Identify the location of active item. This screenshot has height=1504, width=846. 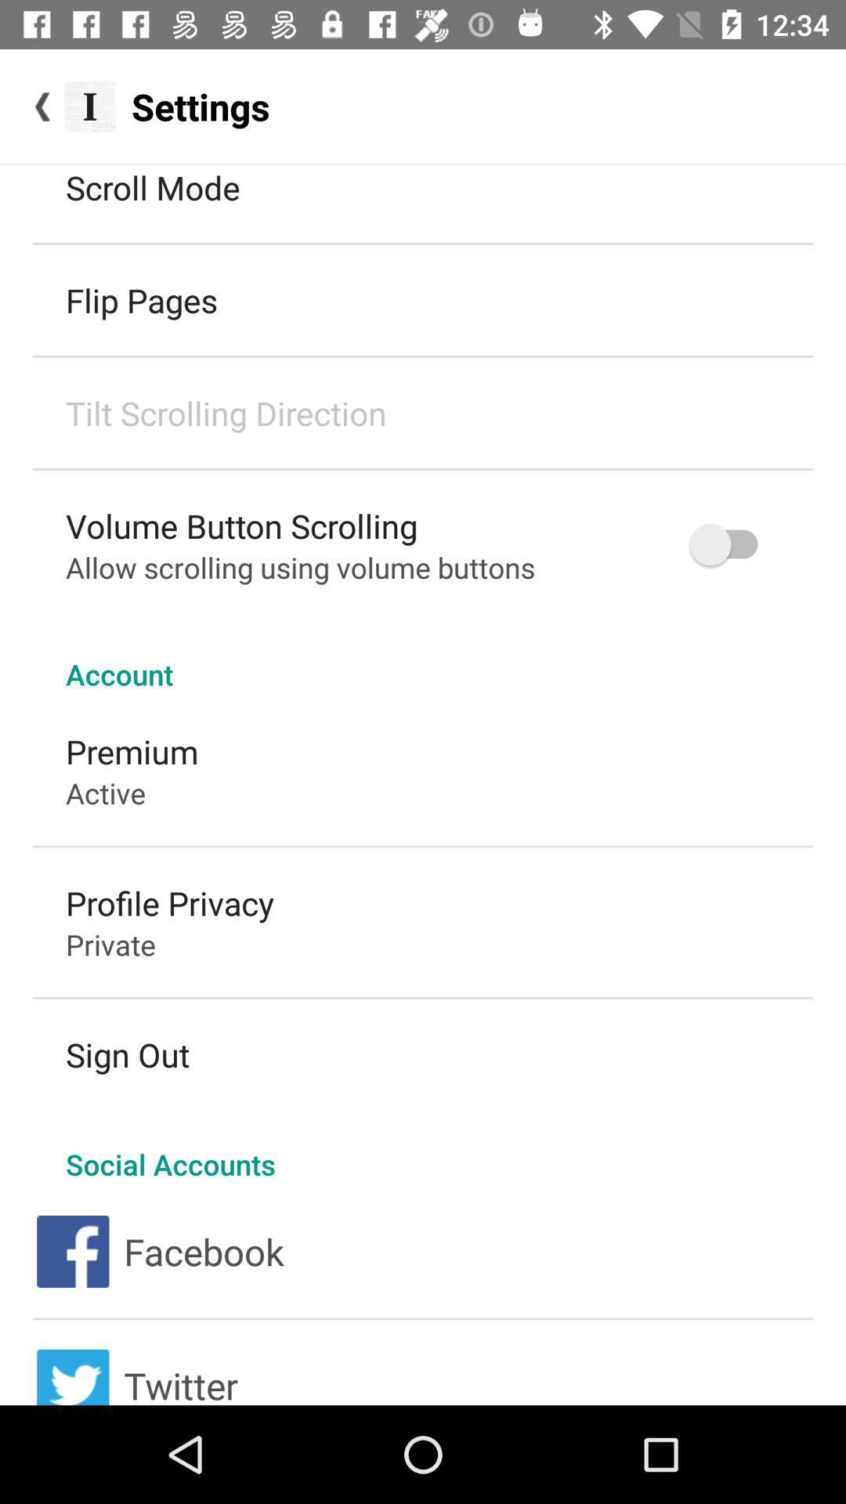
(106, 793).